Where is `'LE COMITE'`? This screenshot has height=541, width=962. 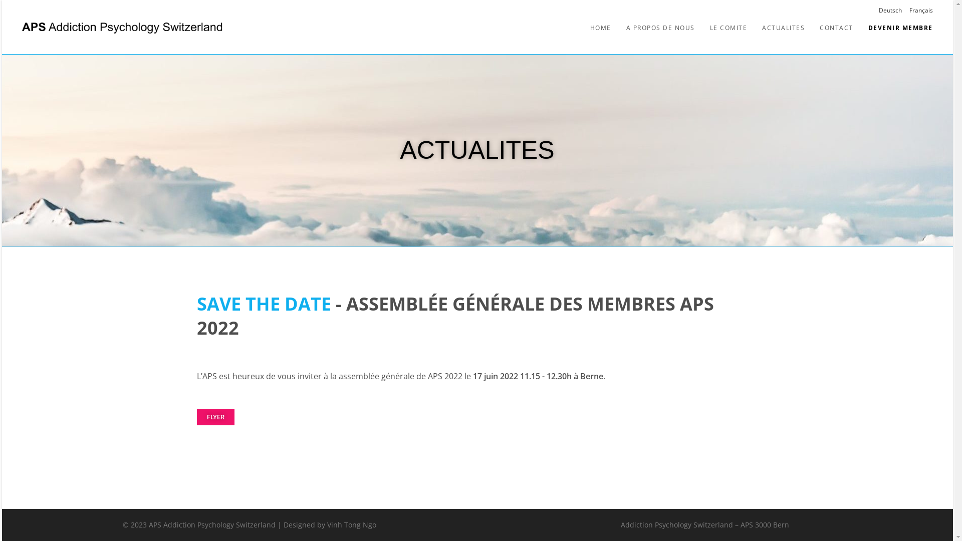 'LE COMITE' is located at coordinates (729, 27).